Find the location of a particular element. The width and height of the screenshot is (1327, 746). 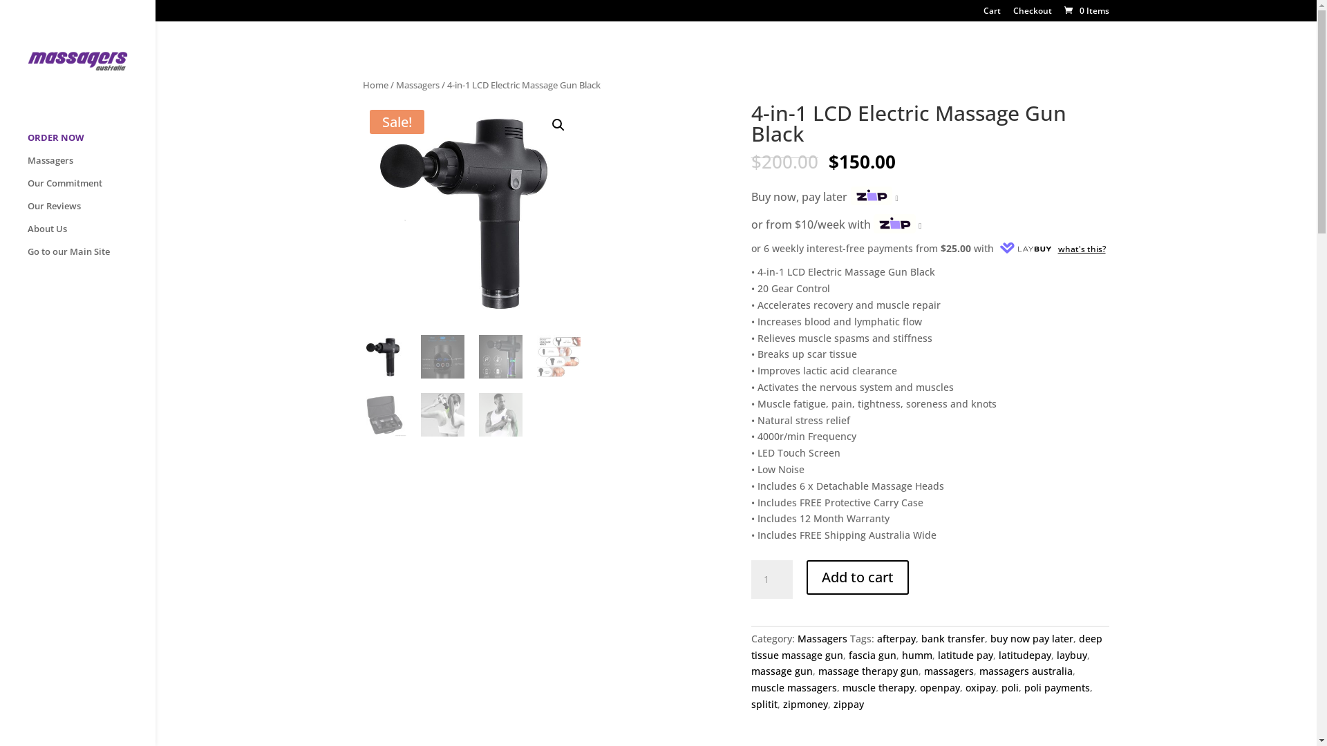

'muscle massagers' is located at coordinates (793, 687).